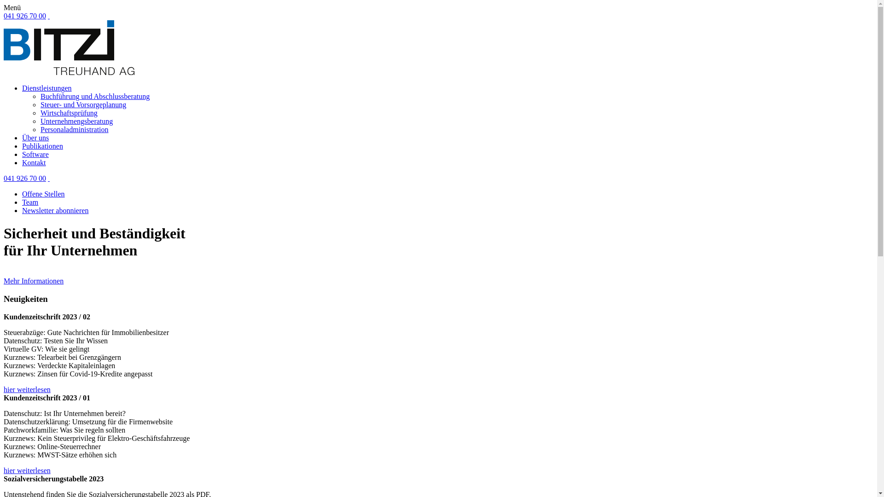  I want to click on 'Team', so click(30, 202).